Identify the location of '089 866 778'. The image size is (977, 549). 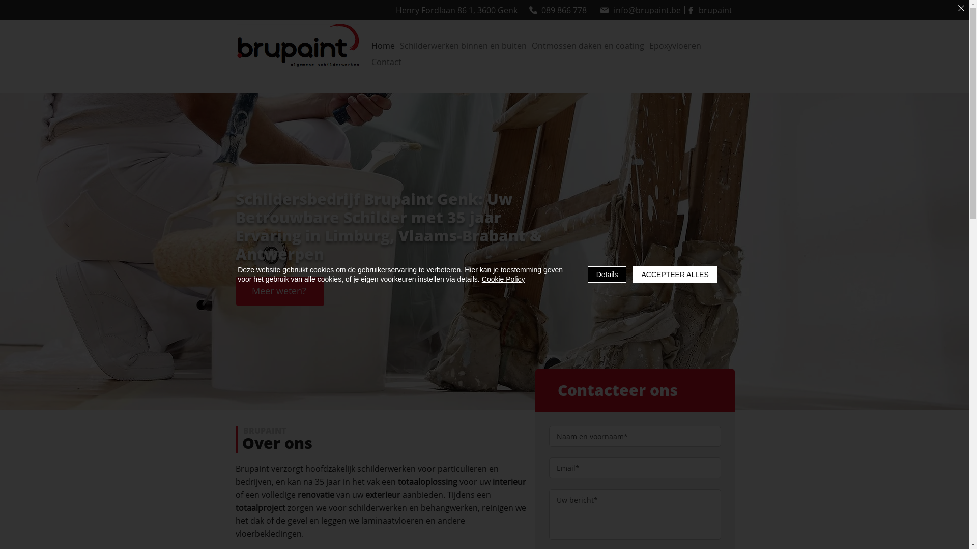
(521, 10).